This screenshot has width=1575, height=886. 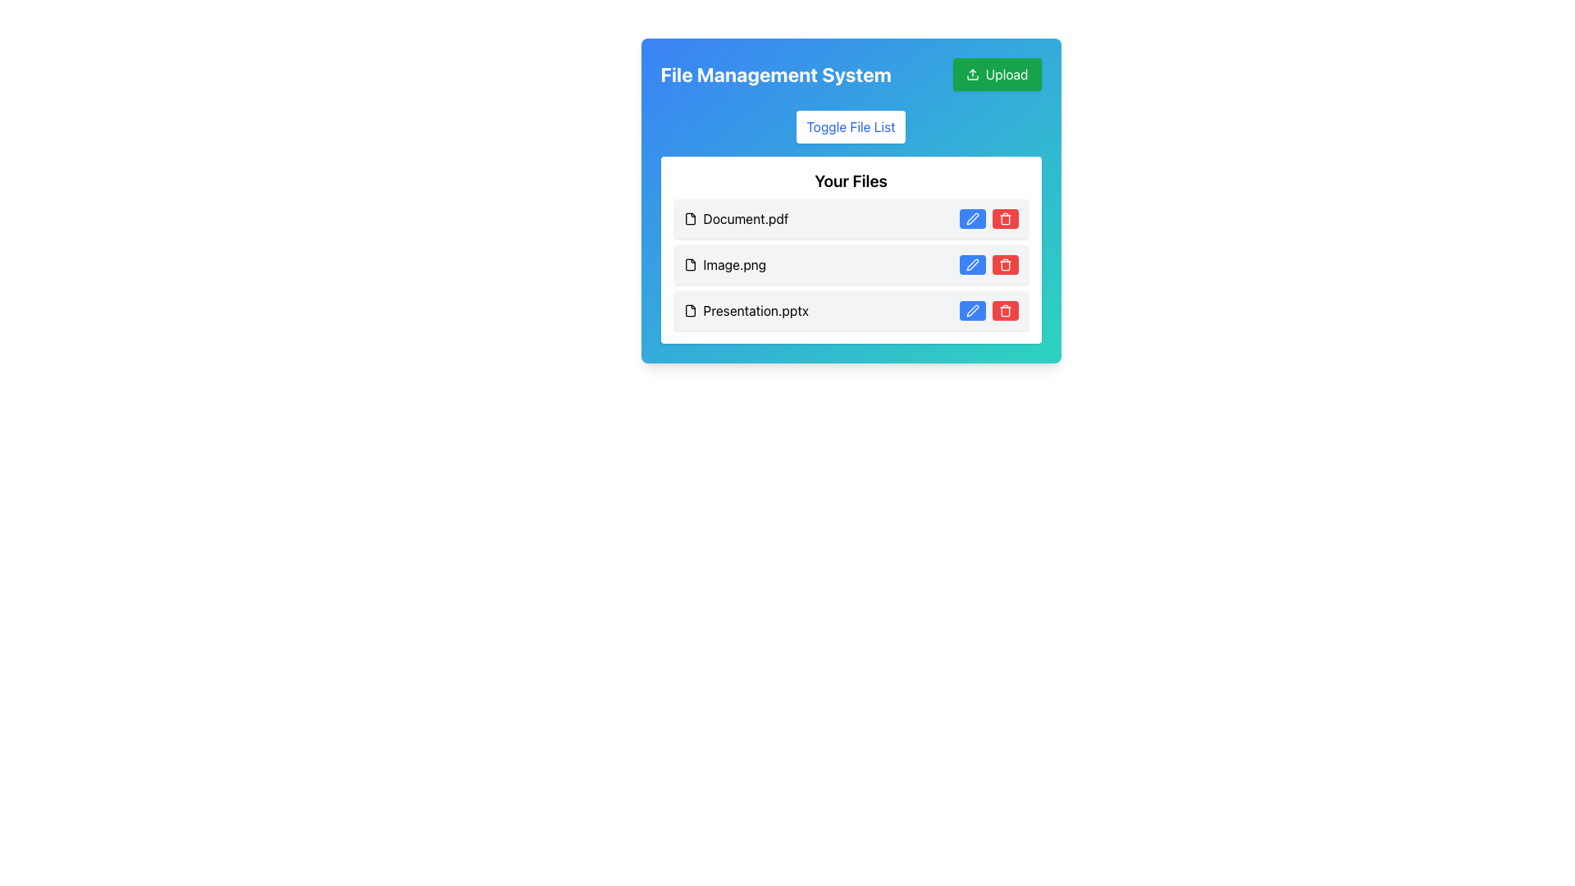 I want to click on the 'Toggle File List' button, which has a white background, blue text, and a rounded border, so click(x=851, y=126).